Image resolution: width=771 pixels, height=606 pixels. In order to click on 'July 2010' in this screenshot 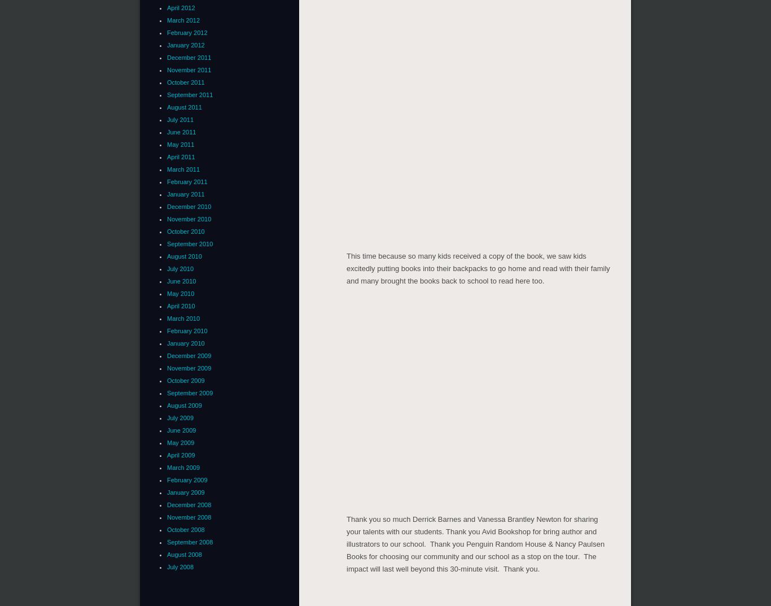, I will do `click(180, 268)`.